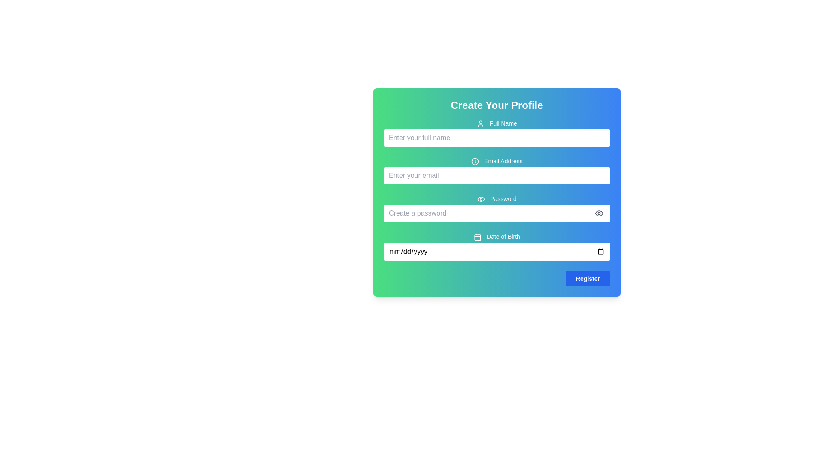 The height and width of the screenshot is (463, 824). Describe the element at coordinates (481, 199) in the screenshot. I see `the eye icon for toggling password visibility located beside the 'Password' text in the profile creation form` at that location.